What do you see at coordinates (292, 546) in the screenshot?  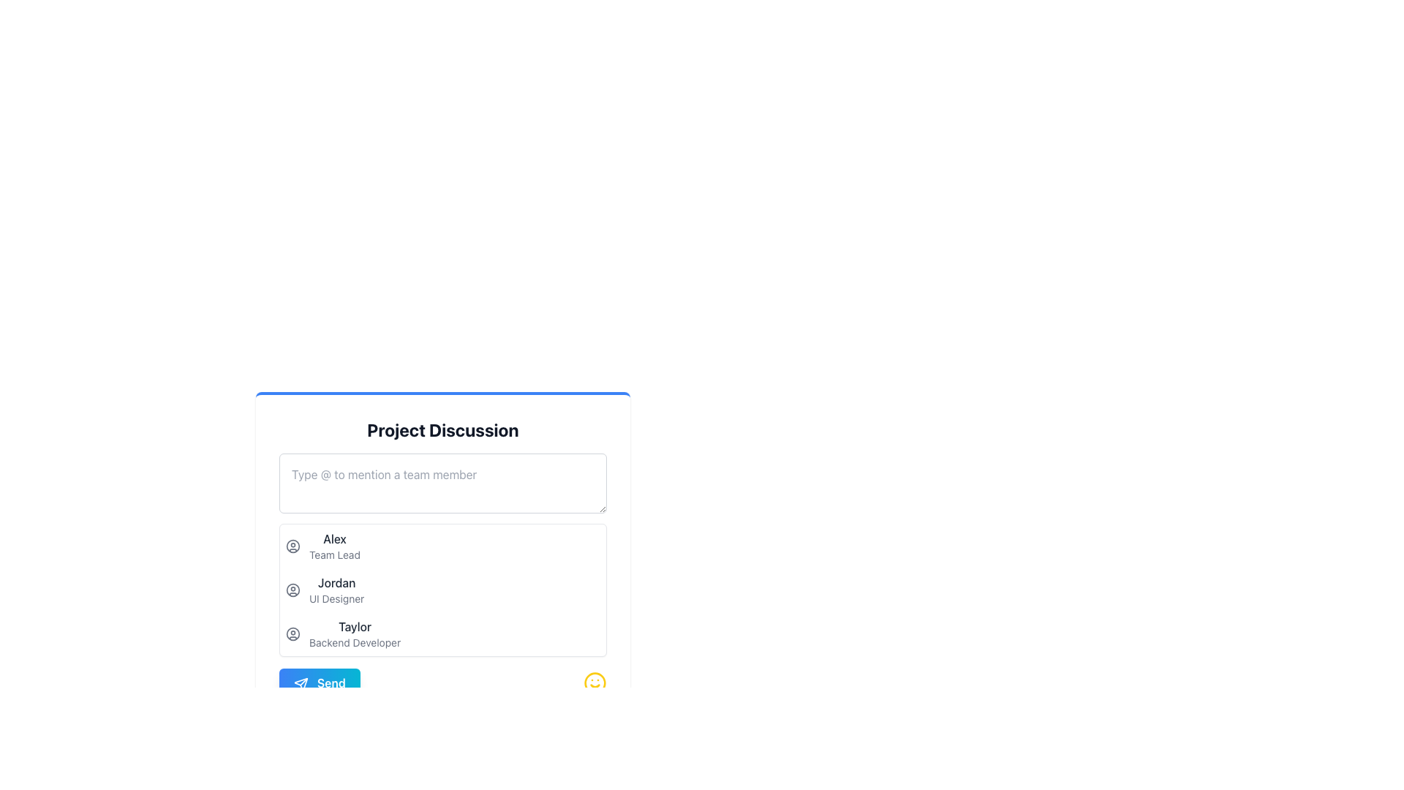 I see `the outermost circular outline representing the avatar for user 'Alex' in the SVG graphic` at bounding box center [292, 546].